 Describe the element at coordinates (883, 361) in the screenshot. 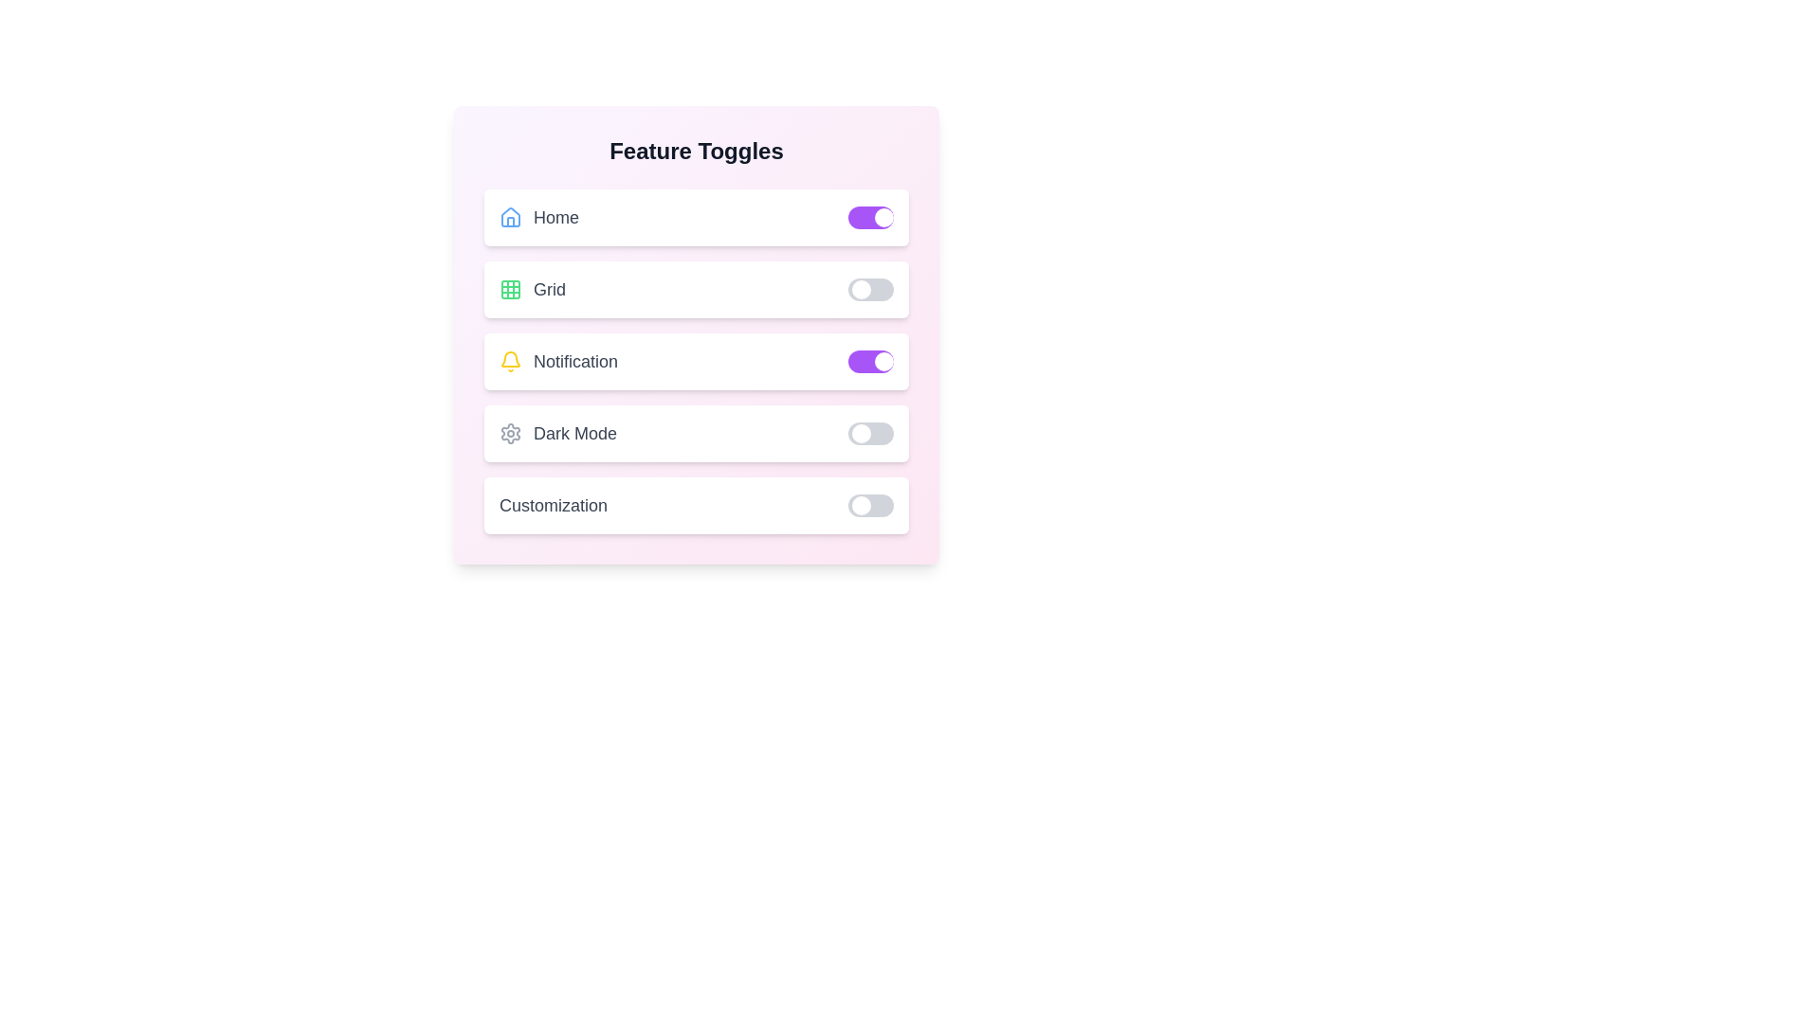

I see `the small circular toggle indicator with a white background located at the right end of the purple toggle switch associated with the 'Notification' label` at that location.